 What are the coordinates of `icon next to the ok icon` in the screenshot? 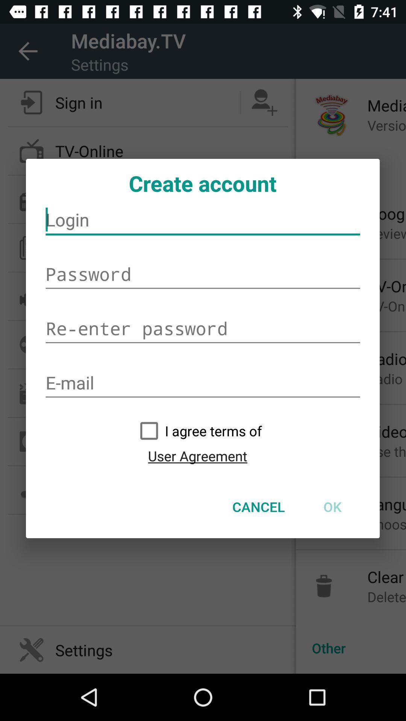 It's located at (258, 507).